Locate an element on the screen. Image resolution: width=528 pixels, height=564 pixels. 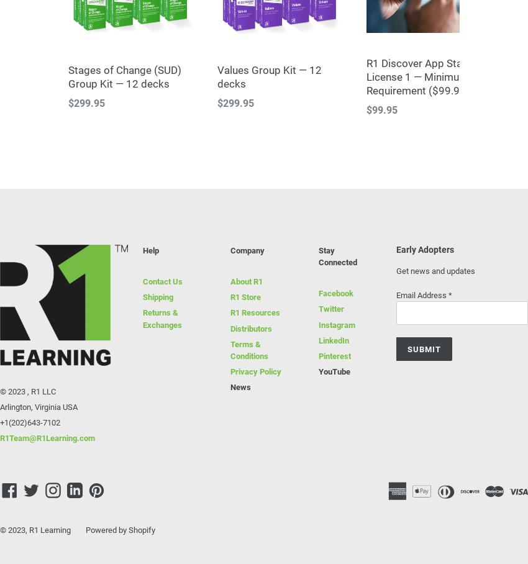
'R1 Resources' is located at coordinates (230, 312).